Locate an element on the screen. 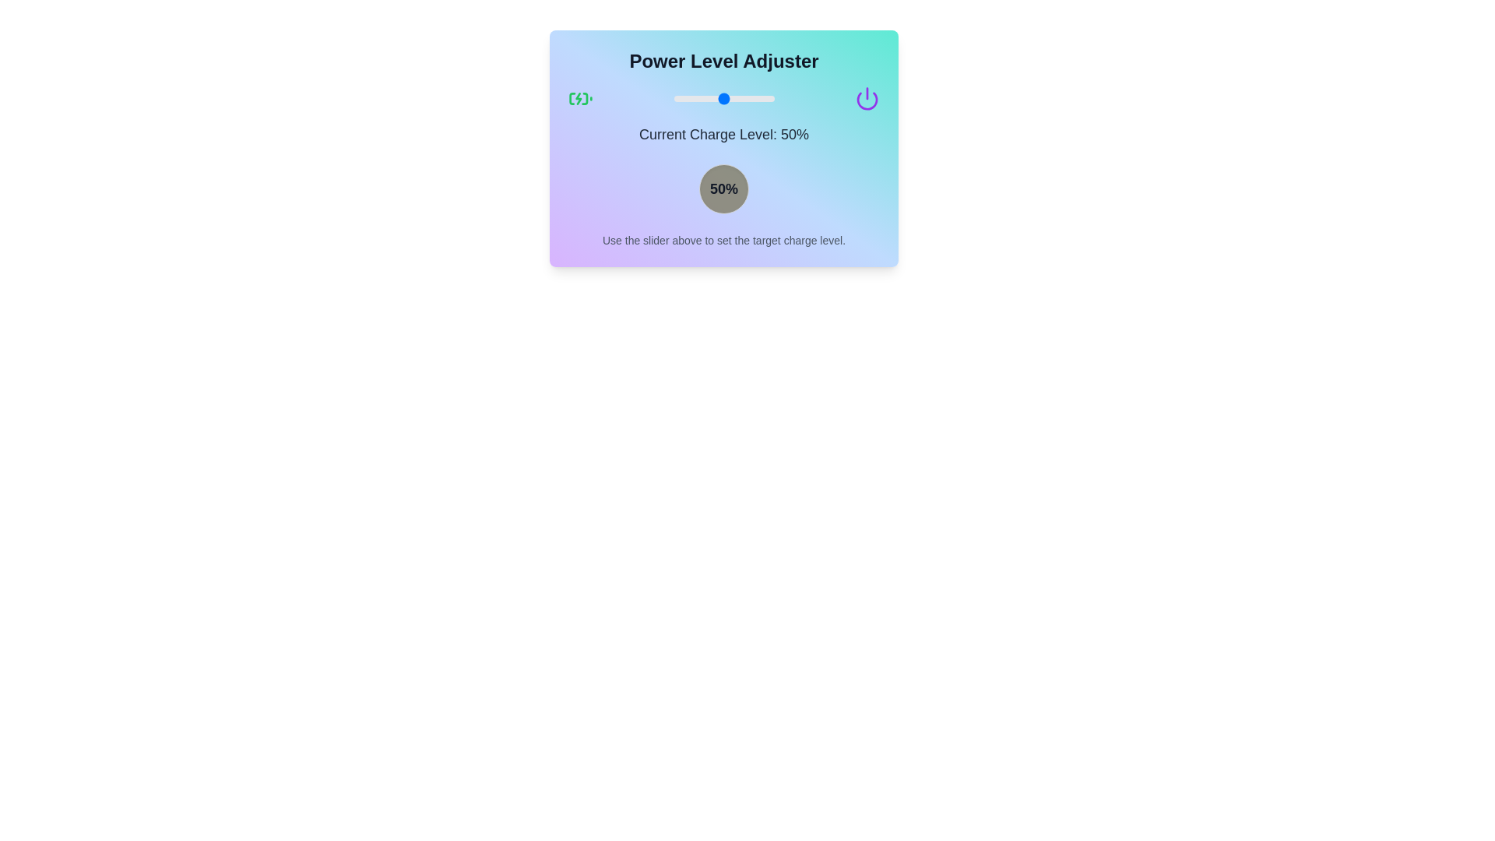  the power level is located at coordinates (763, 99).